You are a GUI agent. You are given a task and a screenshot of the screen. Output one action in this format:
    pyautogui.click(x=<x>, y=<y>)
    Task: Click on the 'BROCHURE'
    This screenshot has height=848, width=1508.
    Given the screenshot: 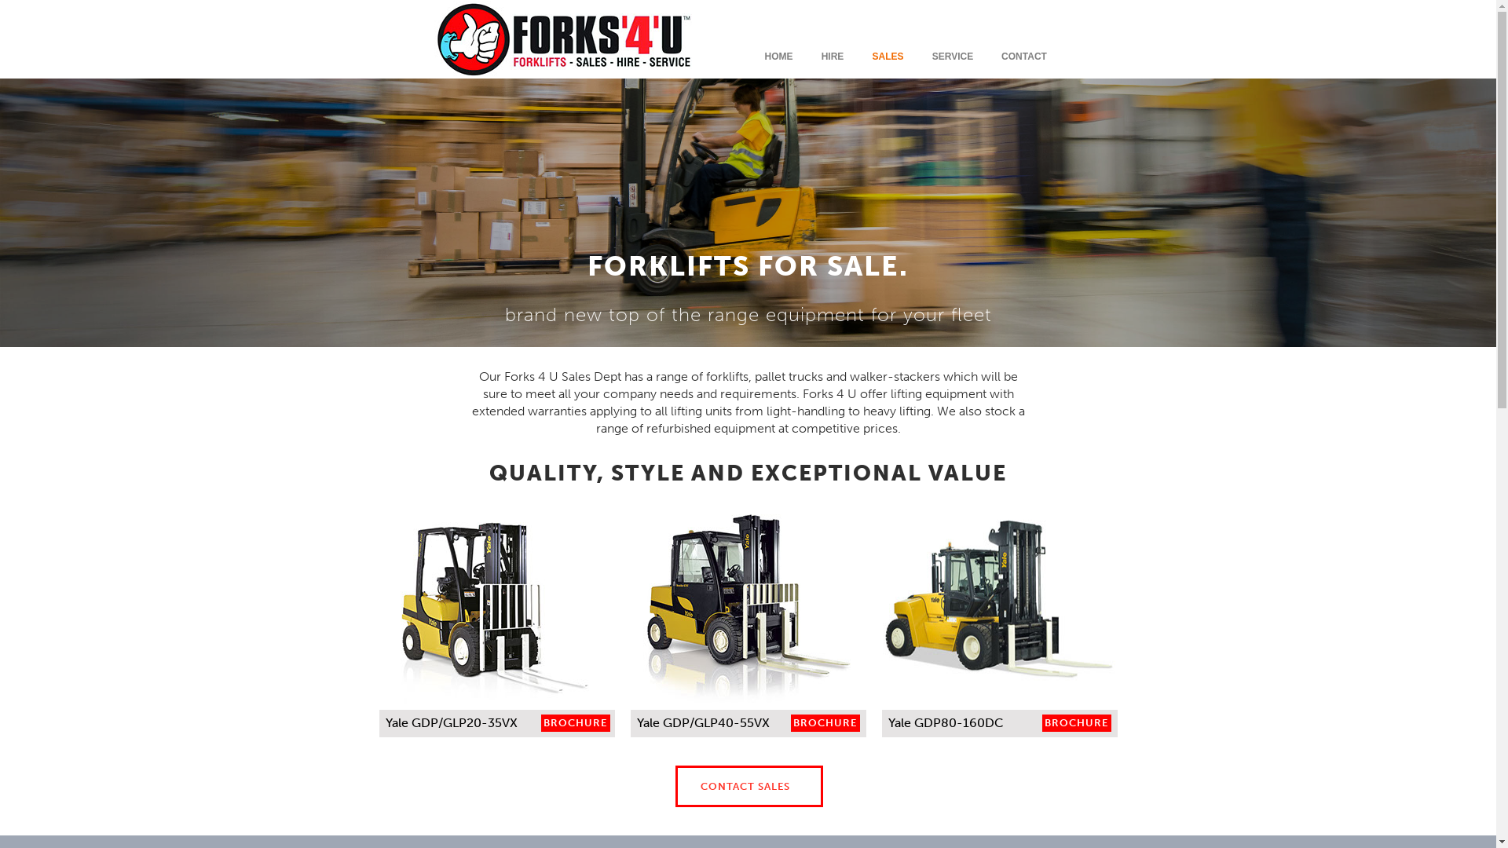 What is the action you would take?
    pyautogui.click(x=1074, y=723)
    